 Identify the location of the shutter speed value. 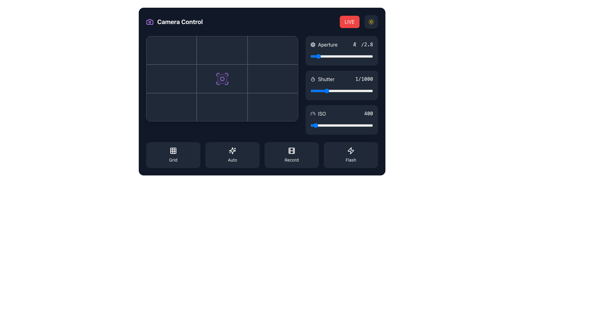
(329, 91).